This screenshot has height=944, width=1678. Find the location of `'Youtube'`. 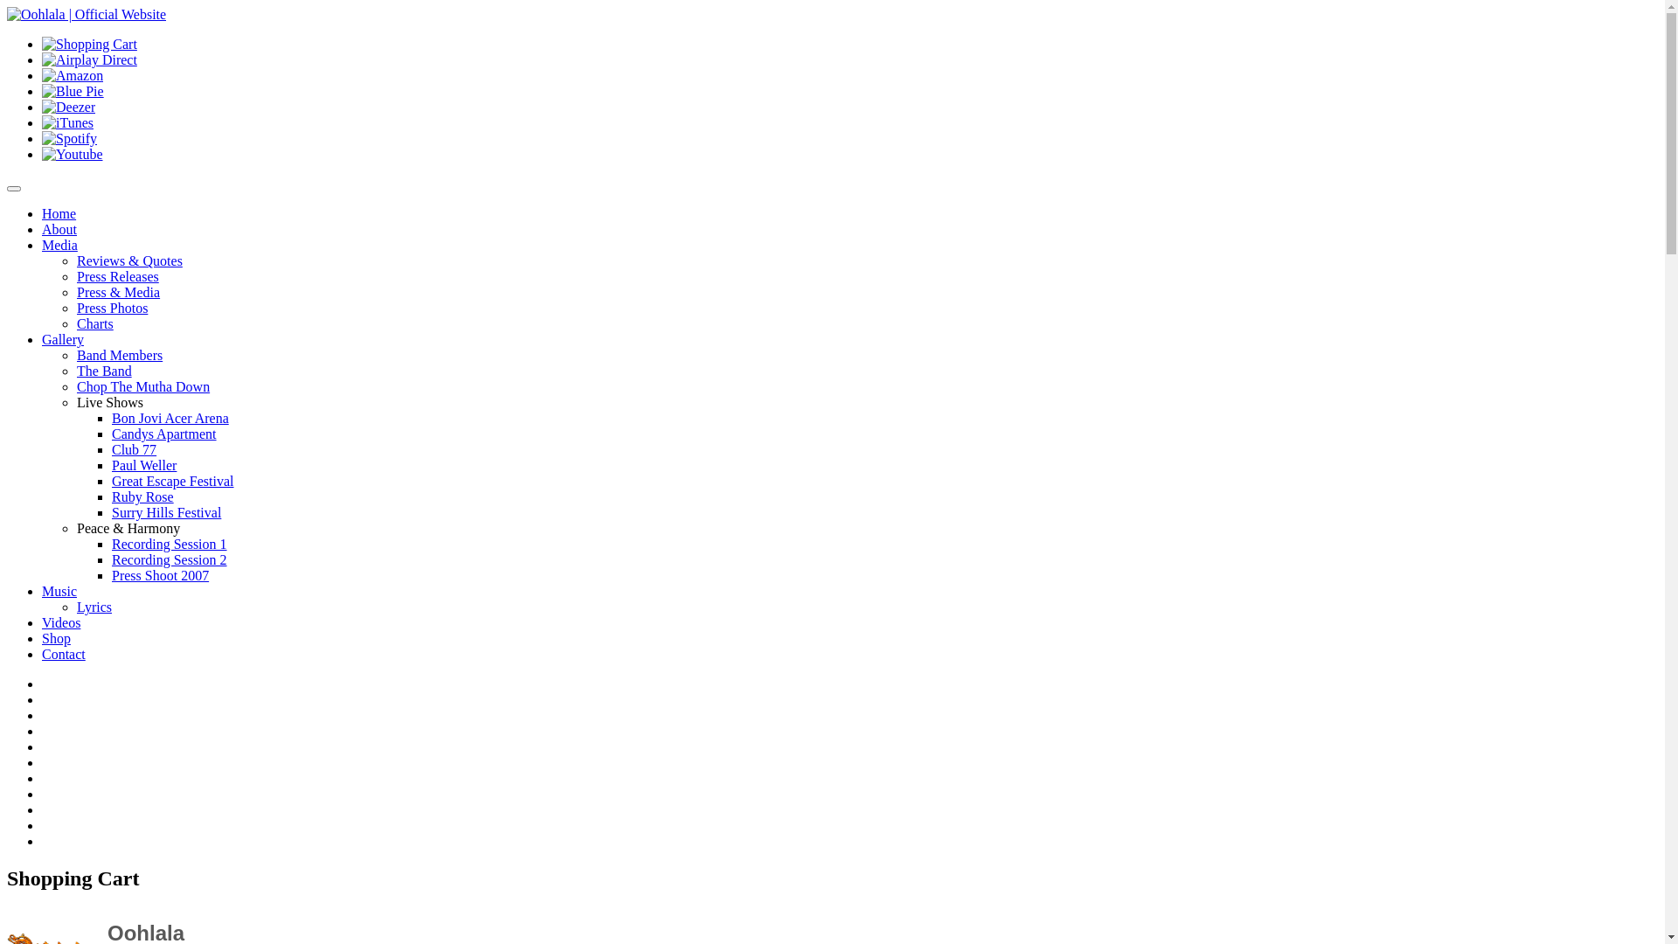

'Youtube' is located at coordinates (71, 154).